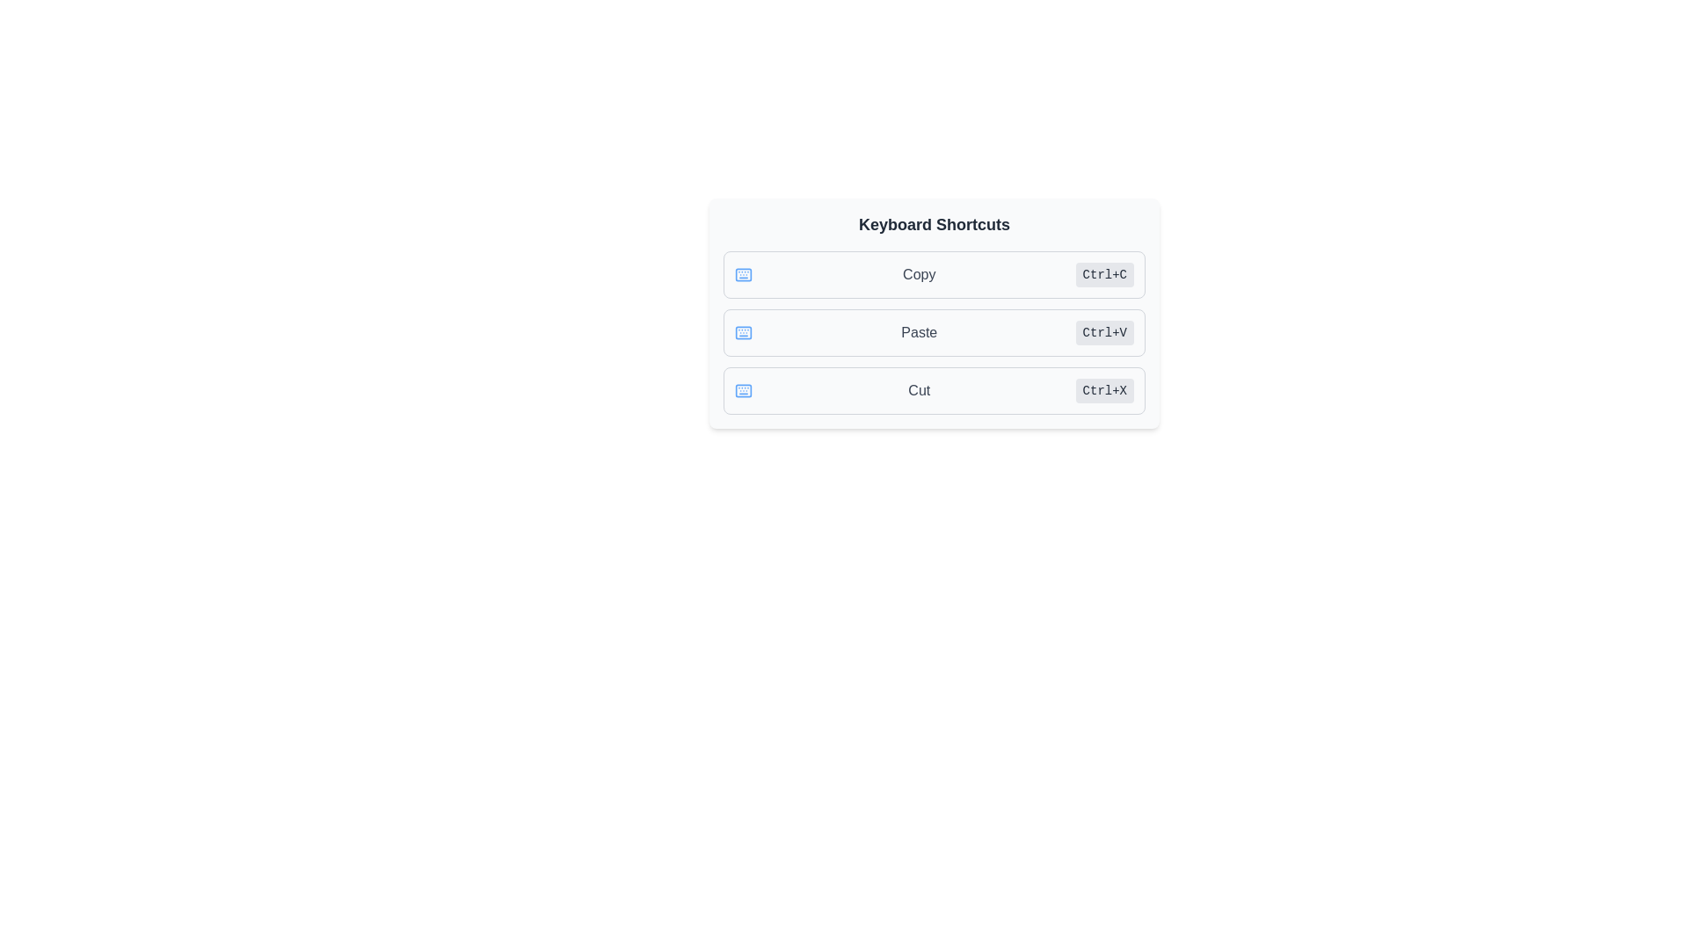  I want to click on text label displaying 'Cut' located in the third row of the 'Keyboard Shortcuts' menu structure, so click(918, 389).